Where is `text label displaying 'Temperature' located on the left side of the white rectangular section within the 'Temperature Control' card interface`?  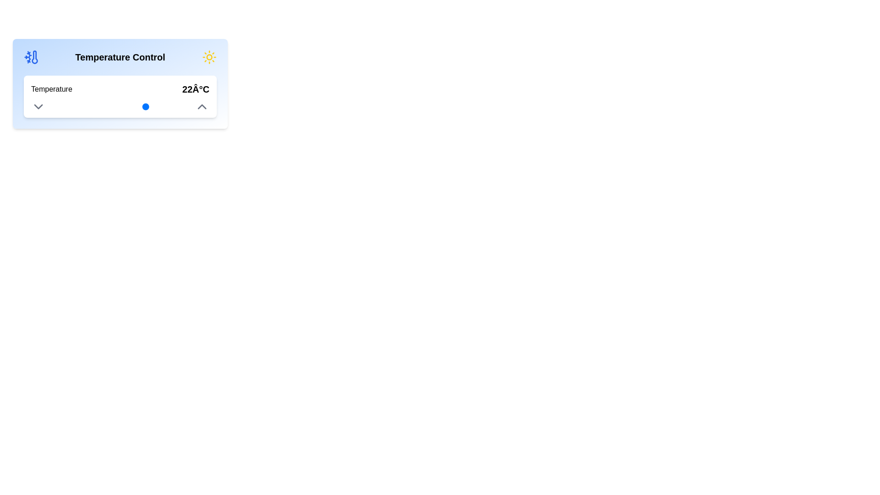
text label displaying 'Temperature' located on the left side of the white rectangular section within the 'Temperature Control' card interface is located at coordinates (51, 89).